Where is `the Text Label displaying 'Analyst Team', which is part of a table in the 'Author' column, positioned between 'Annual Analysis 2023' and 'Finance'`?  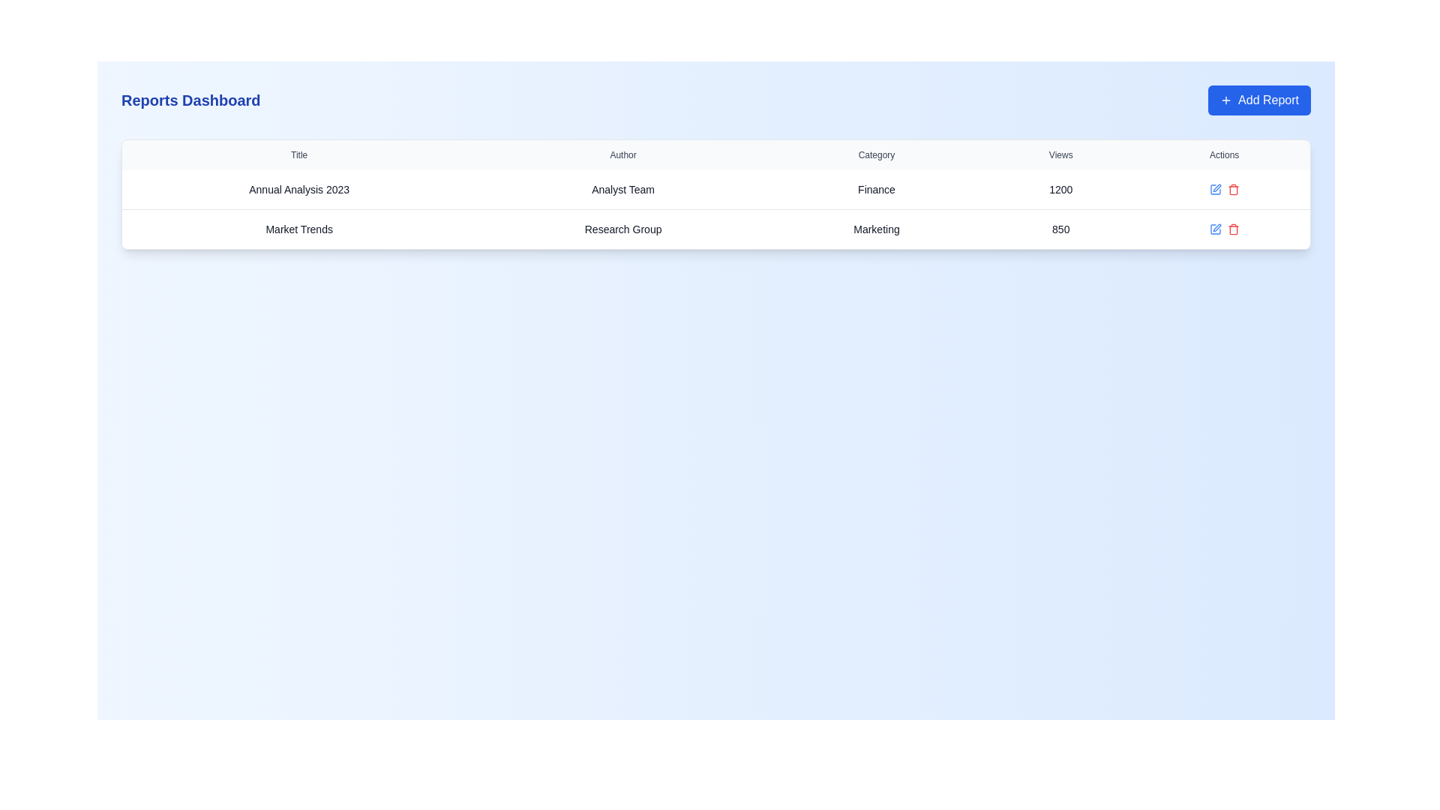
the Text Label displaying 'Analyst Team', which is part of a table in the 'Author' column, positioned between 'Annual Analysis 2023' and 'Finance' is located at coordinates (623, 189).